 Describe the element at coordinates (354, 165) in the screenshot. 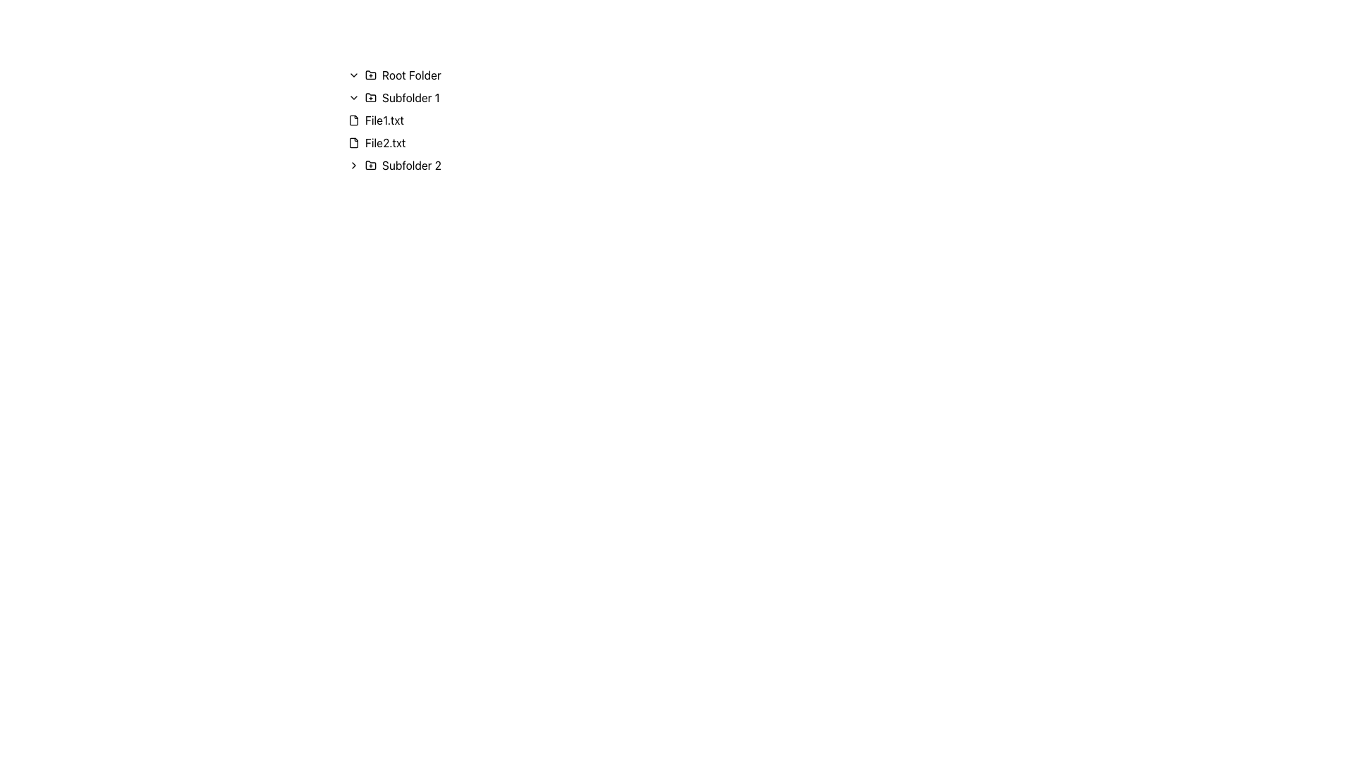

I see `the navigation icon shaped like a rightward chevron ('⟶') located to the left of the 'Subfolder 2' label` at that location.